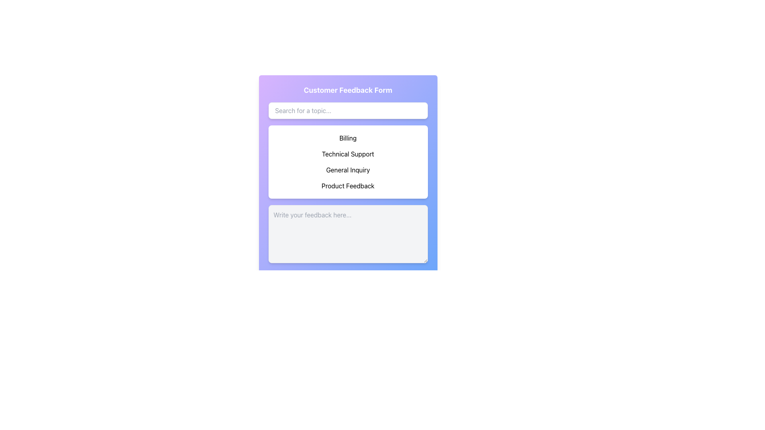  I want to click on the 'Product Feedback' button, which is the fourth item in the list of options within the 'Customer Feedback Form' panel, so click(348, 186).